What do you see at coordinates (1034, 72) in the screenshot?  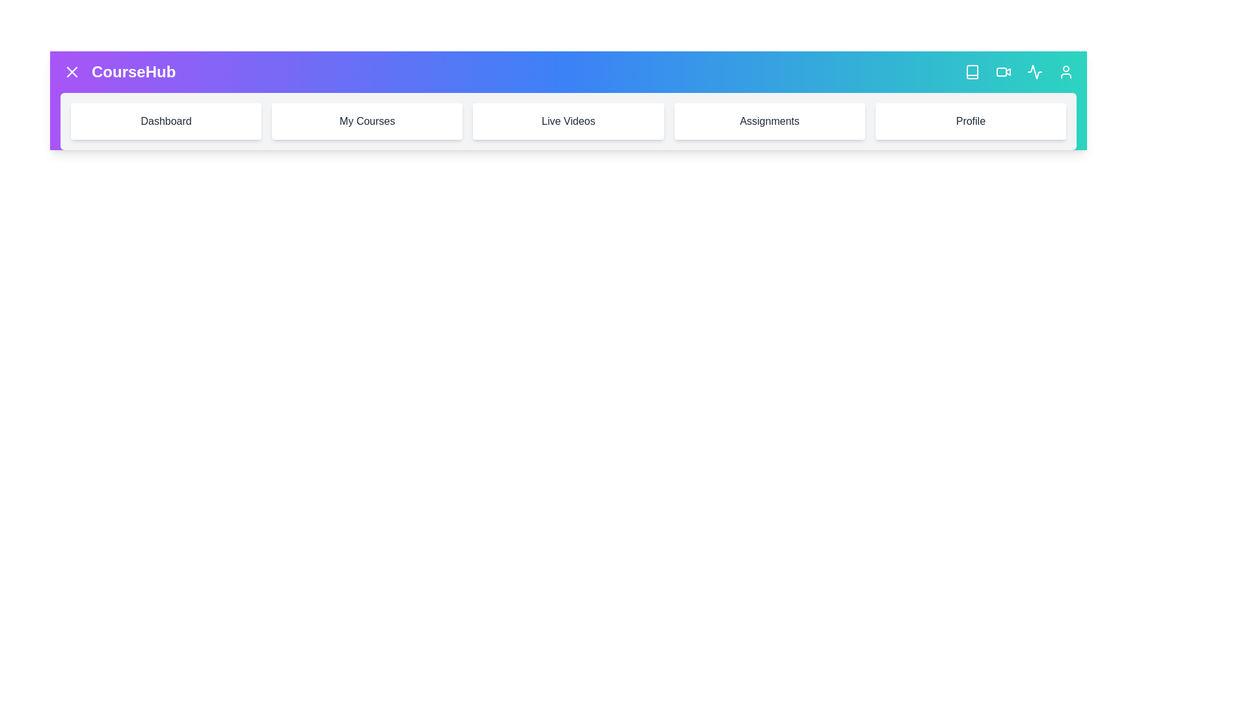 I see `the Activities button in the top bar for navigation` at bounding box center [1034, 72].